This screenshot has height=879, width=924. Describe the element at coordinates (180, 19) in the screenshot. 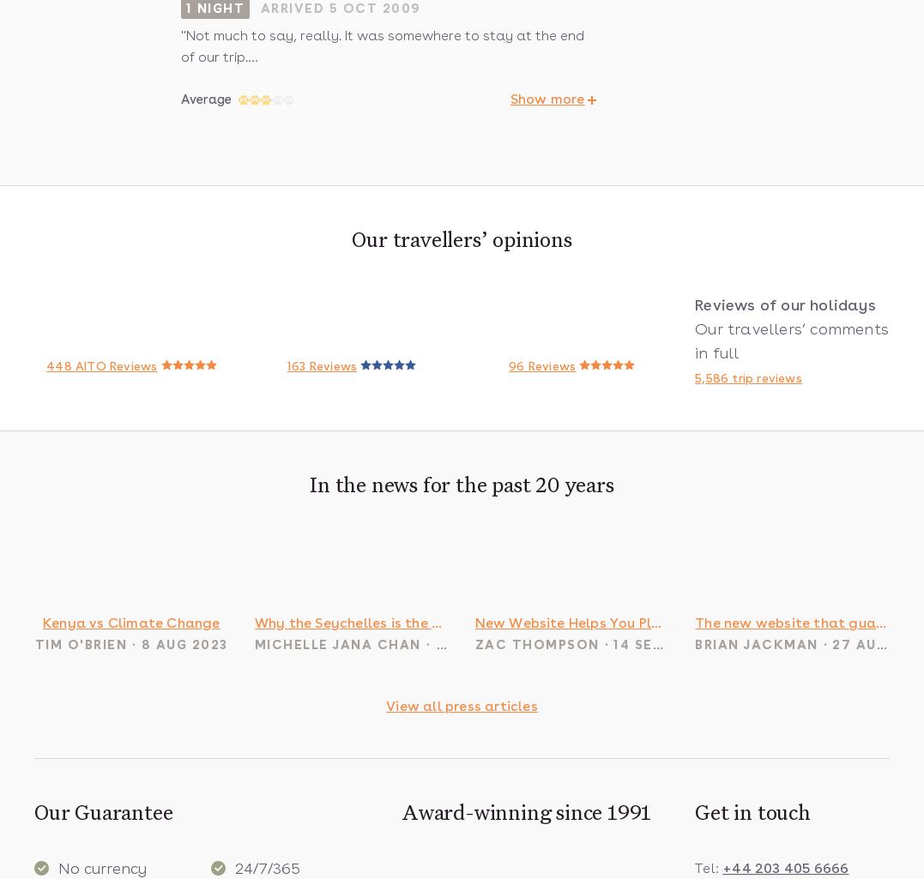

I see `'No 'host' here so first hand knowledge on tap. Food was again very good - although not Norman Carr standard."'` at that location.